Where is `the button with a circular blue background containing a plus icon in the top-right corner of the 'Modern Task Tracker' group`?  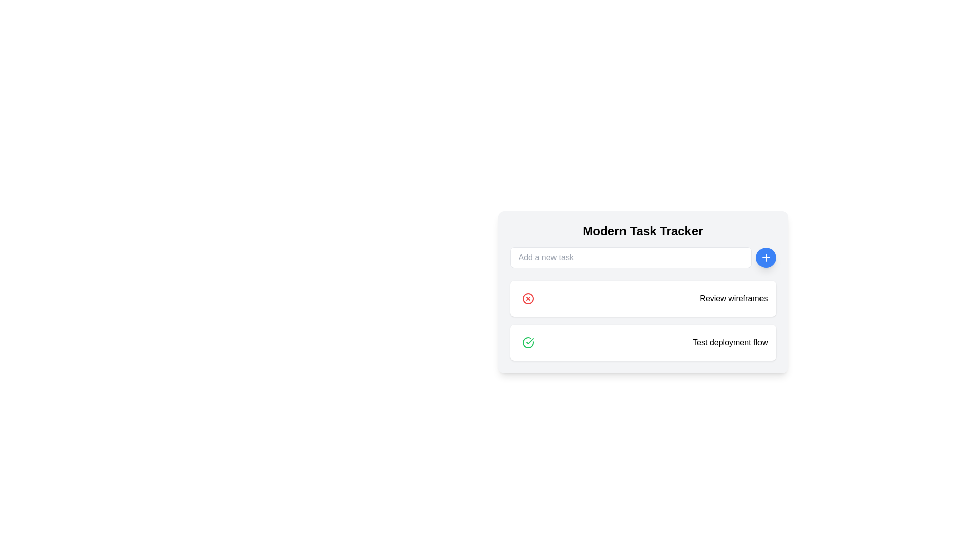
the button with a circular blue background containing a plus icon in the top-right corner of the 'Modern Task Tracker' group is located at coordinates (766, 257).